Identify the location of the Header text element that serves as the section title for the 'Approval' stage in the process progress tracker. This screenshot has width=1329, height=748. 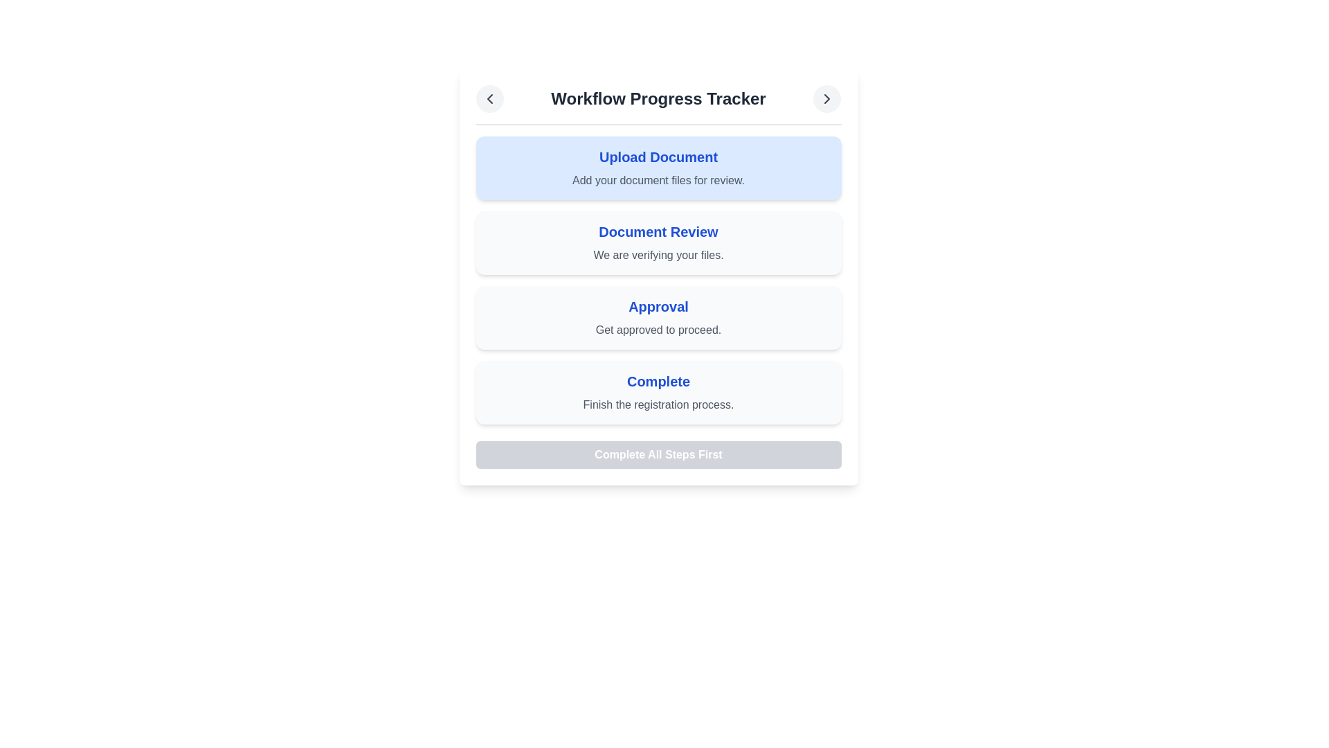
(658, 306).